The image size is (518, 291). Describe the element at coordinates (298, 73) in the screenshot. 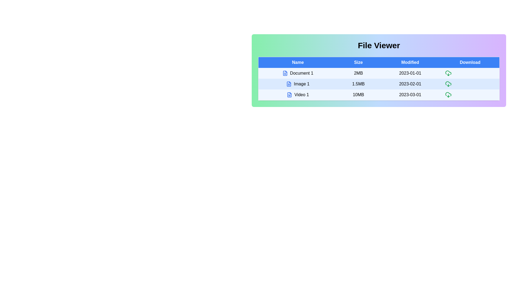

I see `the row corresponding to Document 1` at that location.